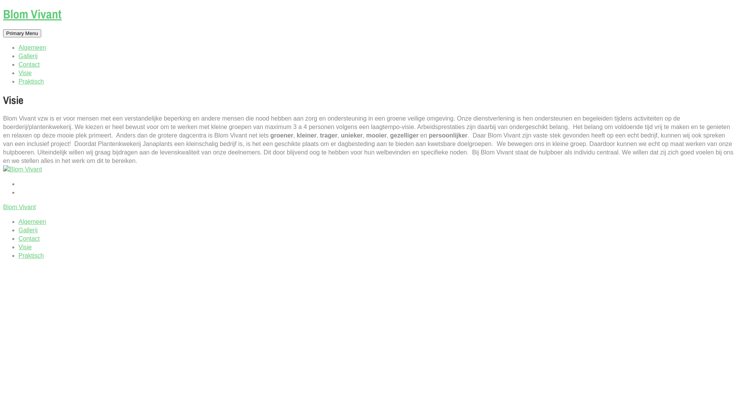 This screenshot has height=416, width=739. I want to click on 'Skip to content', so click(3, 8).